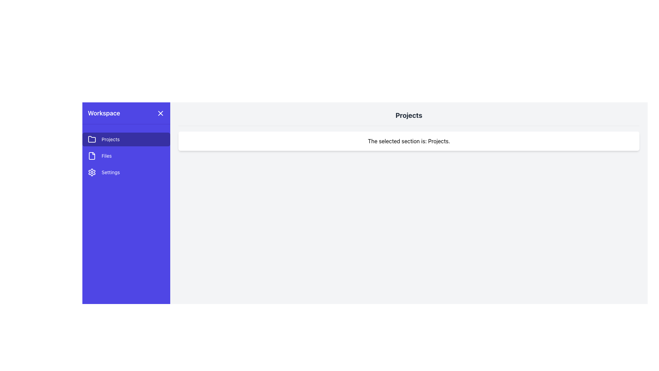  What do you see at coordinates (160, 113) in the screenshot?
I see `the close button styled as an 'X' icon located in the upper-right corner of the sidebar labeled 'Workspace' to observe hover effects` at bounding box center [160, 113].